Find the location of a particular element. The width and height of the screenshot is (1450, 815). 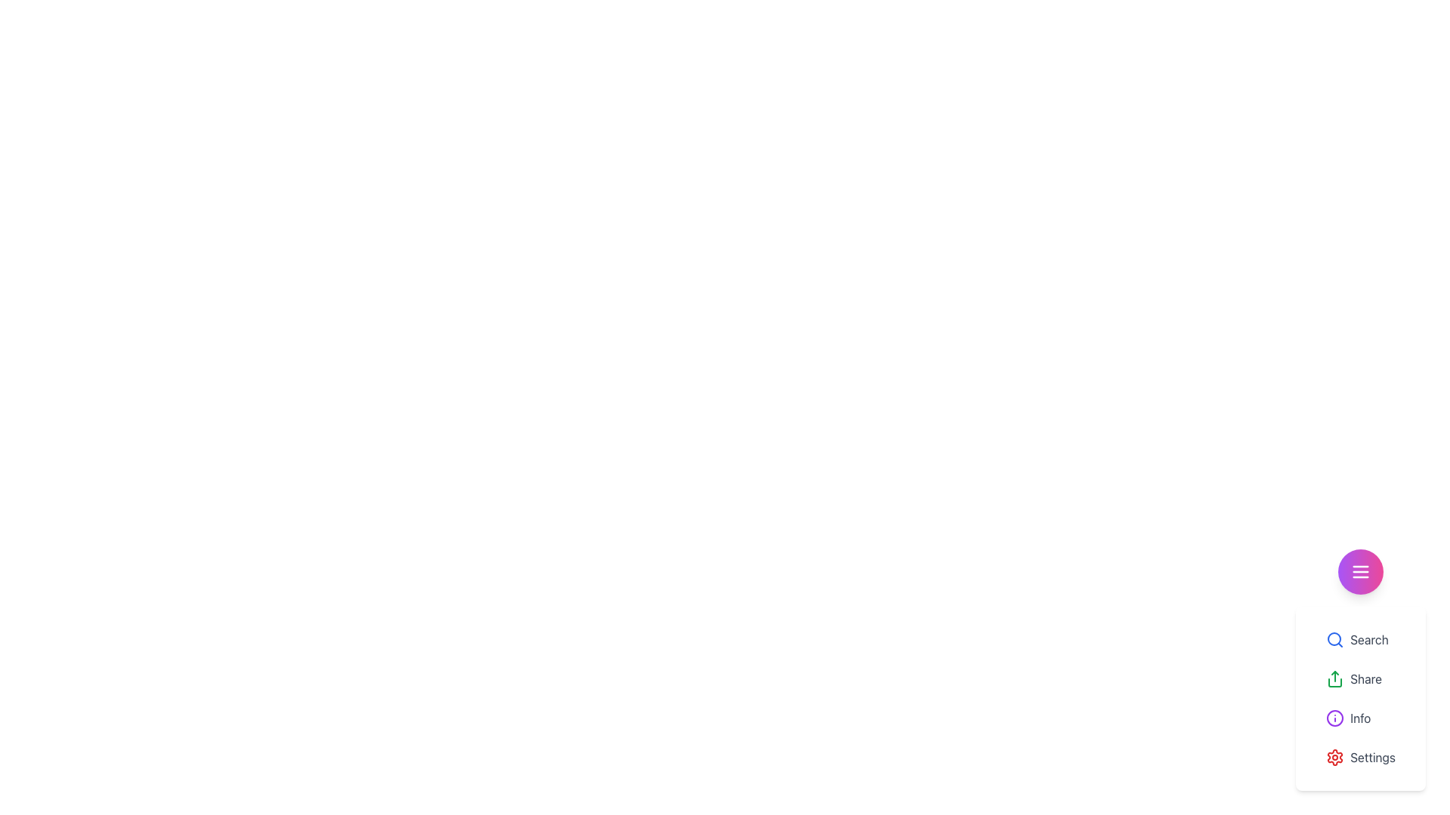

the navigation icon, which consists of three parallel horizontal lines, located at the center of a circular button with a gradient purple-to-pink background is located at coordinates (1361, 572).